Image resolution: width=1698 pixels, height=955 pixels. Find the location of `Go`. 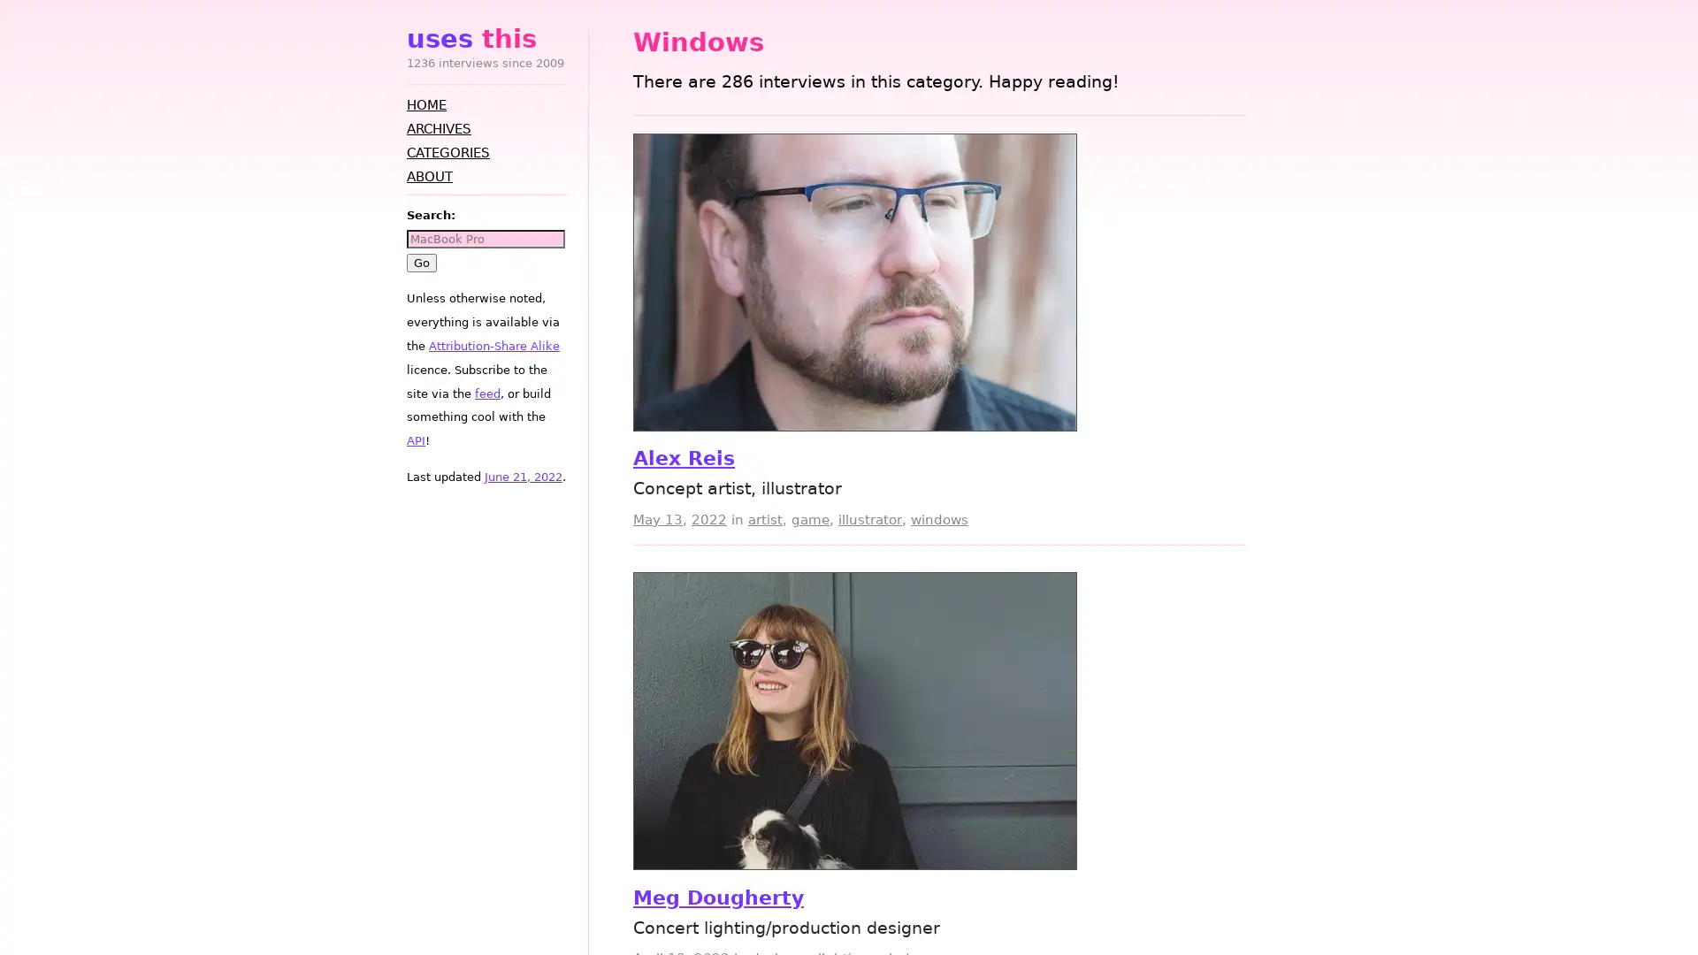

Go is located at coordinates (420, 262).